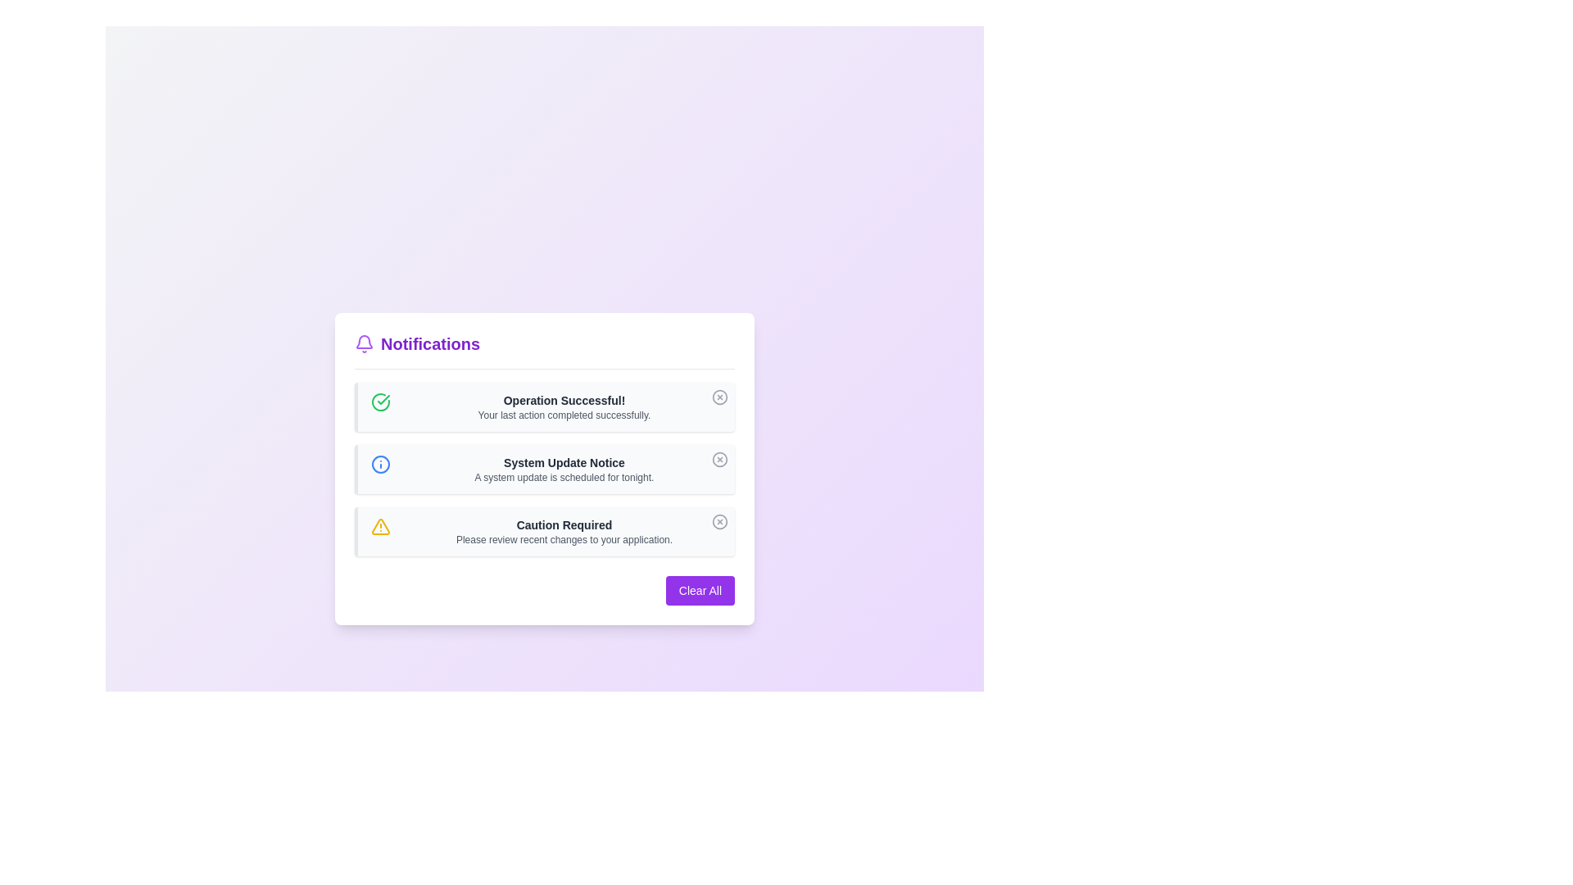  Describe the element at coordinates (719, 459) in the screenshot. I see `the circular SVG element in the second notification entry for keyboard actions` at that location.